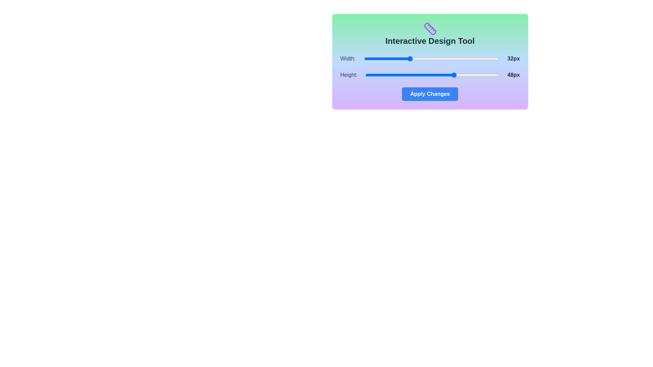 The height and width of the screenshot is (367, 653). Describe the element at coordinates (375, 58) in the screenshot. I see `the 'Width' slider to set its value to 20 within the range of 16 to 64` at that location.